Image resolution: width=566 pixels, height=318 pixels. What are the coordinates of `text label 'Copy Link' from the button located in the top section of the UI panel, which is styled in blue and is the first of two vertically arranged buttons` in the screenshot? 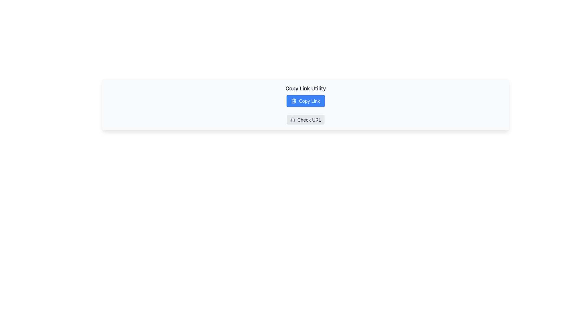 It's located at (309, 101).